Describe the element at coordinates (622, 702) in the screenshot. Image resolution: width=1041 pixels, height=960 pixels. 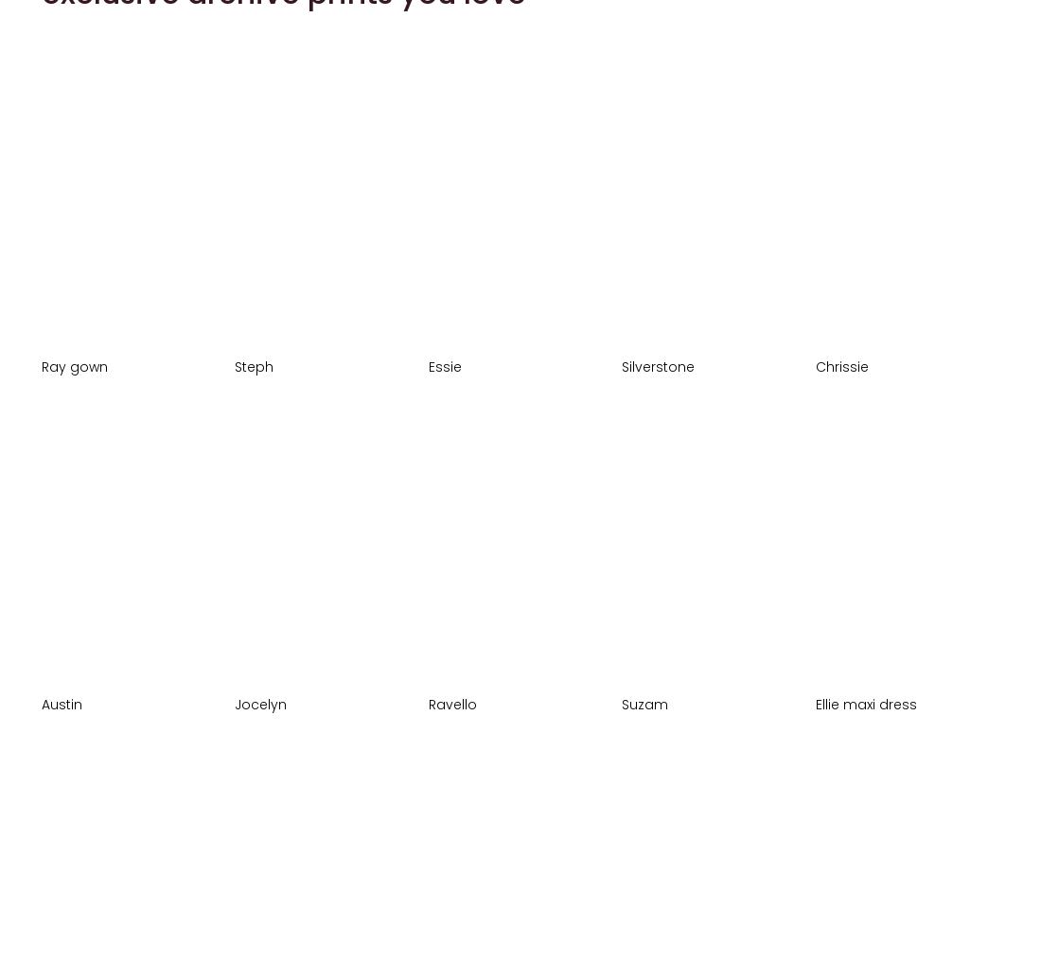
I see `'Suzam'` at that location.